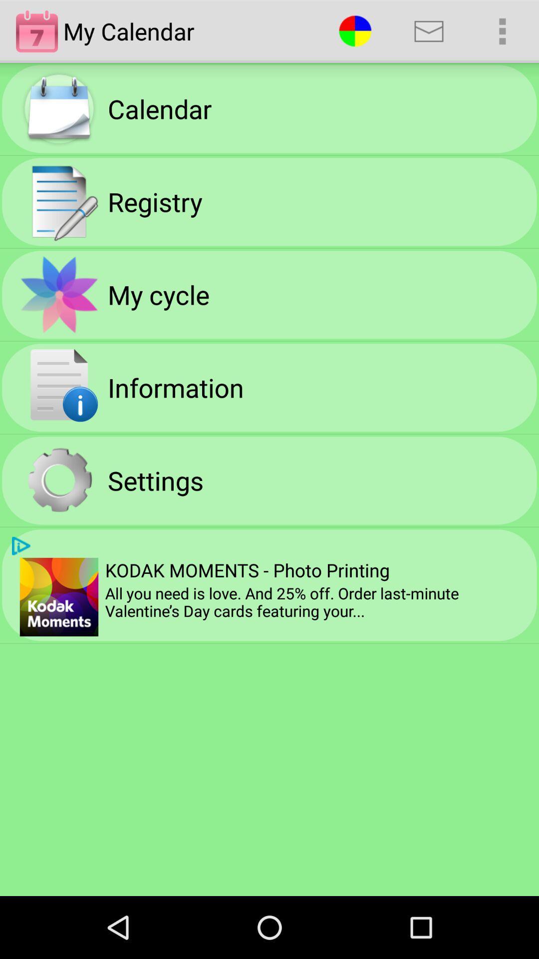 The width and height of the screenshot is (539, 959). I want to click on information app, so click(175, 387).